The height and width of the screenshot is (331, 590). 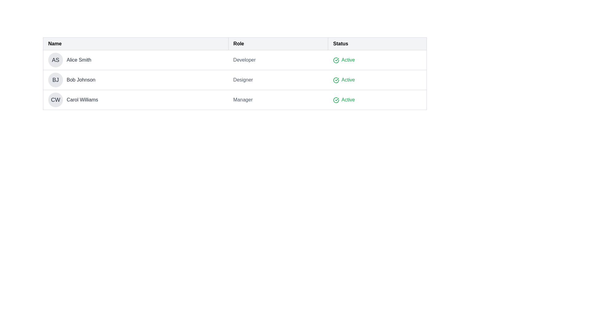 I want to click on the table row displaying user information for 'Bob Johnson', which includes a circular avatar with 'BJ', the name 'Bob Johnson', the role 'Designer', and an 'Active' status with a green check icon, so click(x=234, y=80).